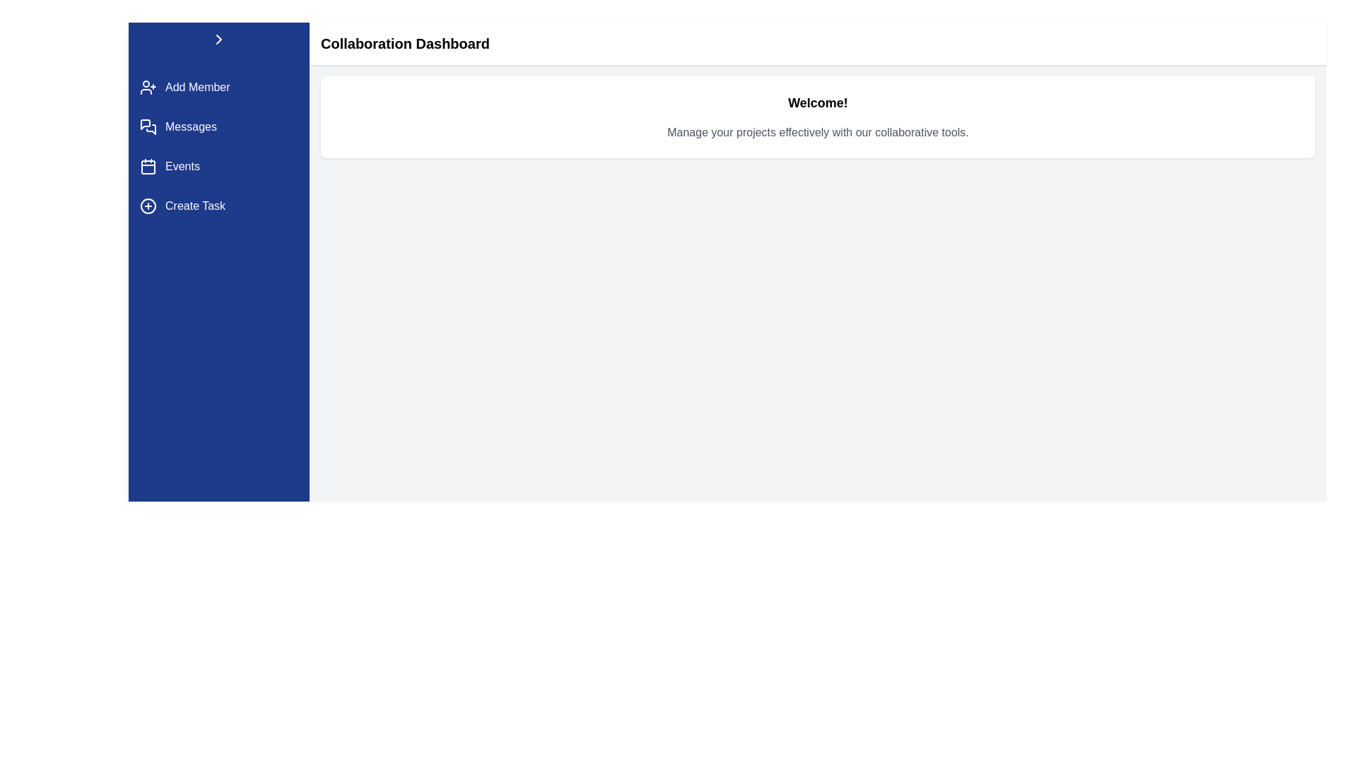 This screenshot has width=1357, height=763. Describe the element at coordinates (146, 124) in the screenshot. I see `the 'Messages' icon element` at that location.